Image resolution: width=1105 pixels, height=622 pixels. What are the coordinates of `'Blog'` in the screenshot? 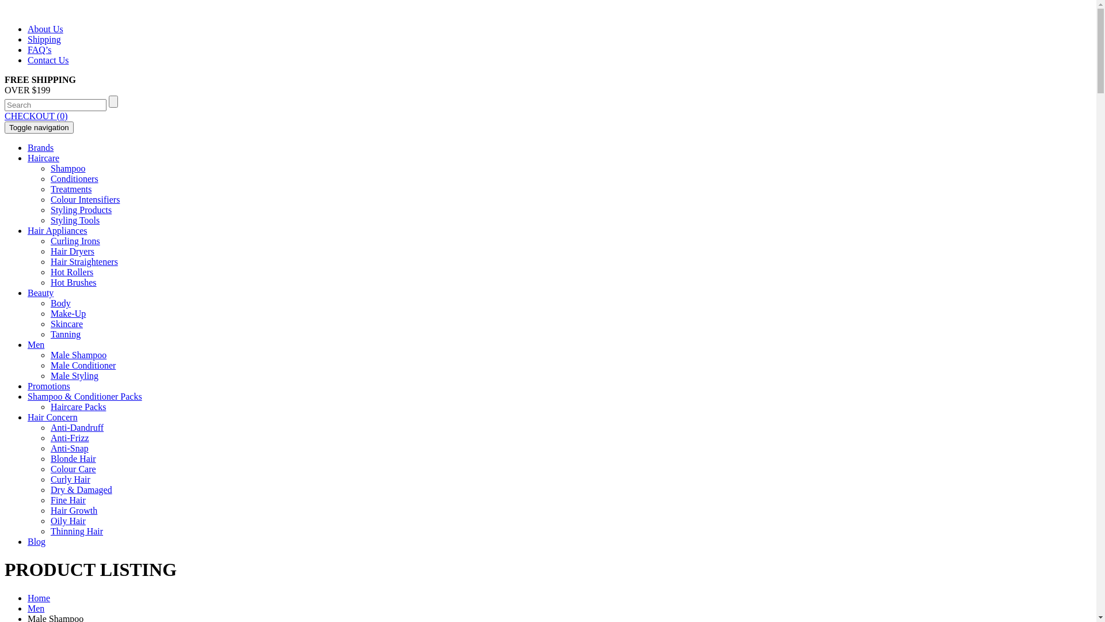 It's located at (36, 541).